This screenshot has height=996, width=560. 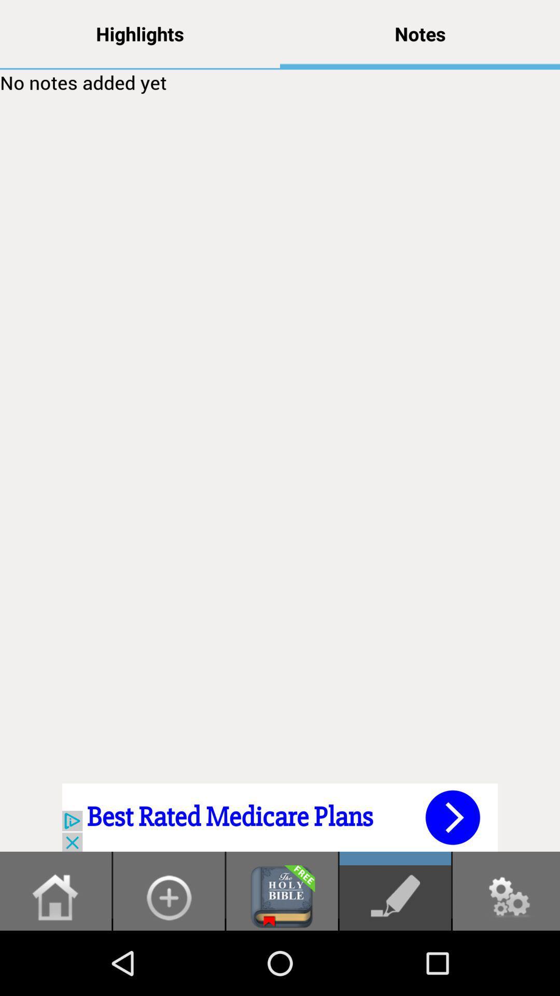 I want to click on the settings icon, so click(x=506, y=960).